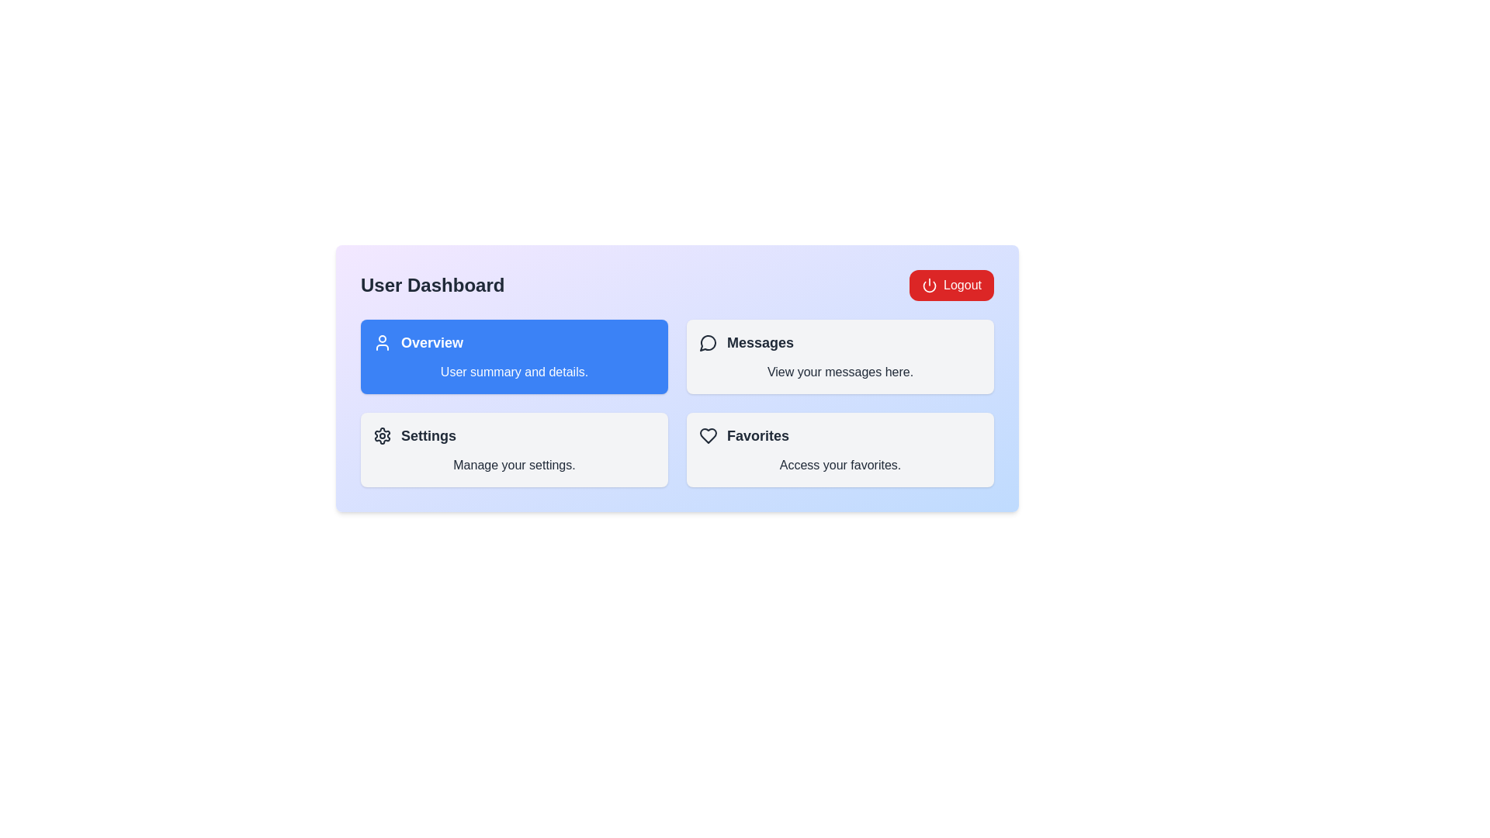 The image size is (1490, 838). What do you see at coordinates (840, 449) in the screenshot?
I see `the navigation card located in the lower-right corner of the grid layout` at bounding box center [840, 449].